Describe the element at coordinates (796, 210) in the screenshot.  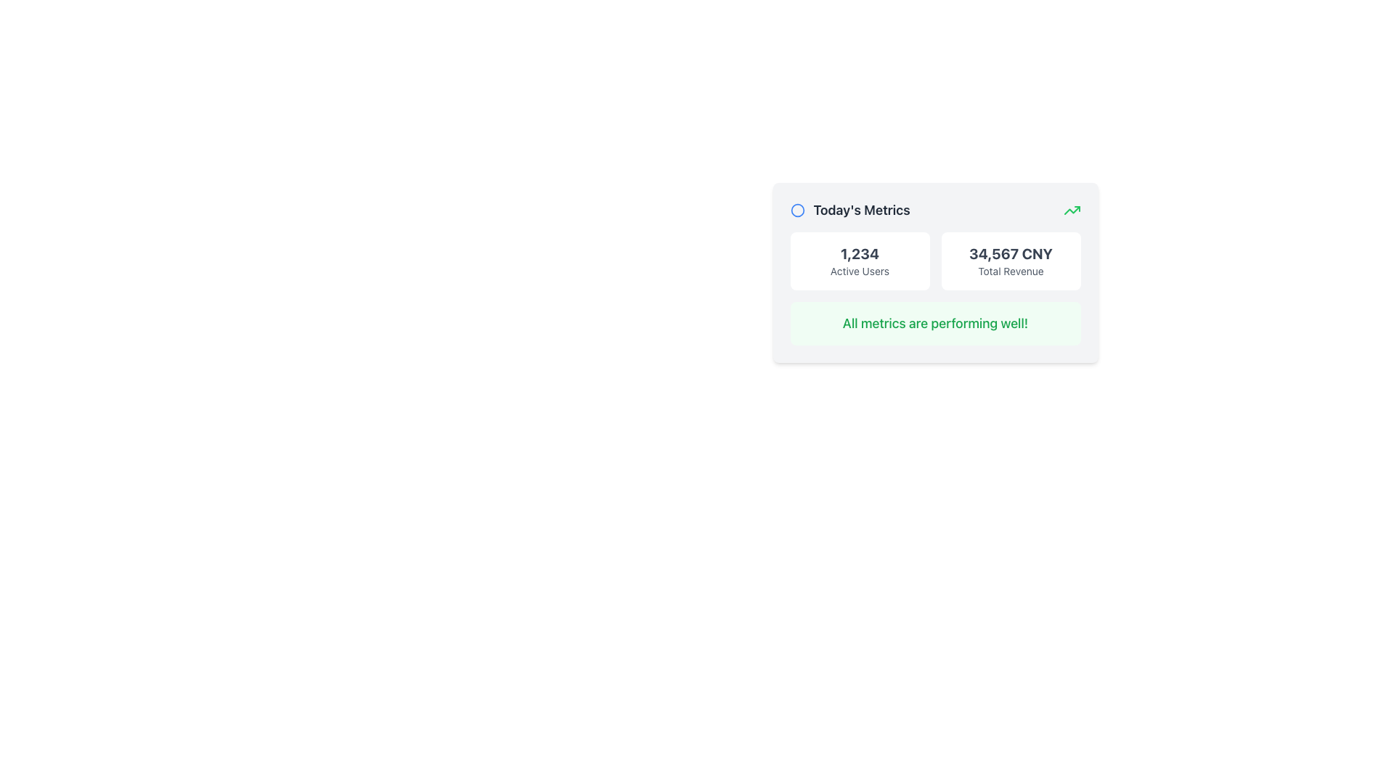
I see `the graphical icon located at the top-left corner of the 'Today's Metrics' card, which serves as a visual branding representation` at that location.